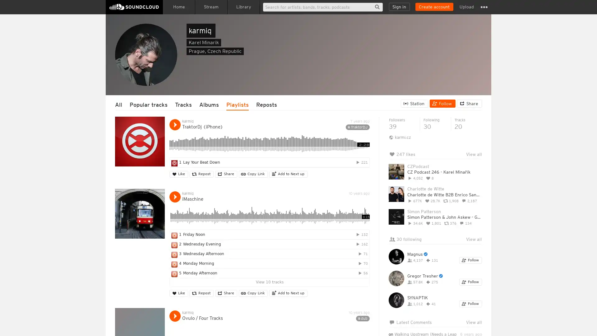 This screenshot has height=336, width=597. What do you see at coordinates (253, 293) in the screenshot?
I see `Copy Link` at bounding box center [253, 293].